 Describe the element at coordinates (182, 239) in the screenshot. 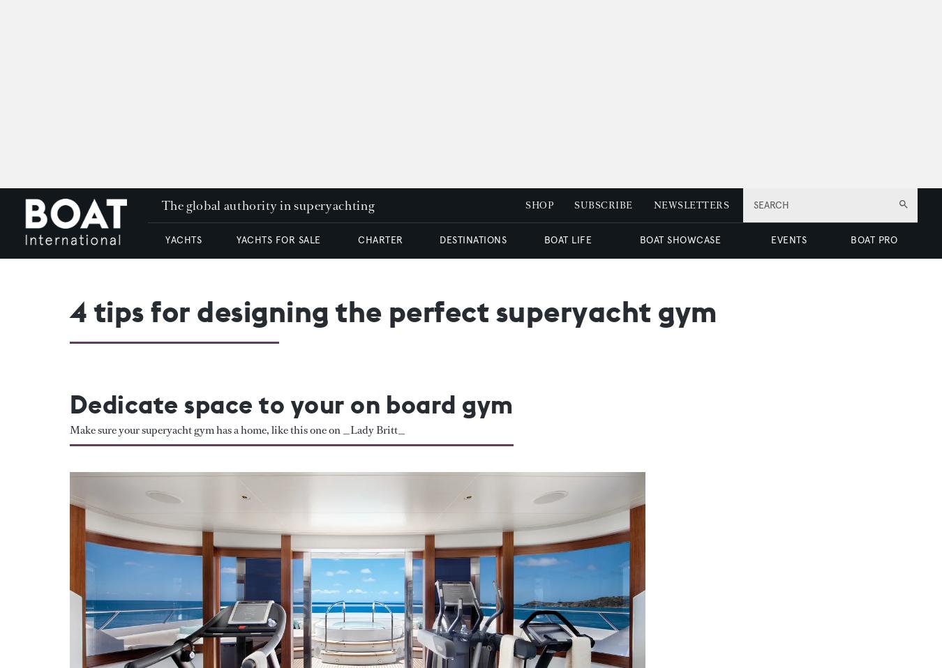

I see `'YACHTS'` at that location.